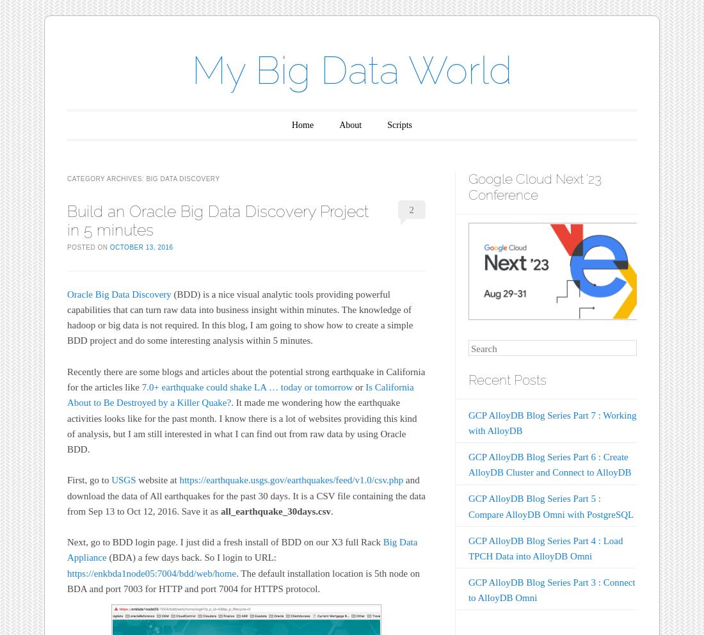 The image size is (704, 635). What do you see at coordinates (141, 246) in the screenshot?
I see `'October 13, 2016'` at bounding box center [141, 246].